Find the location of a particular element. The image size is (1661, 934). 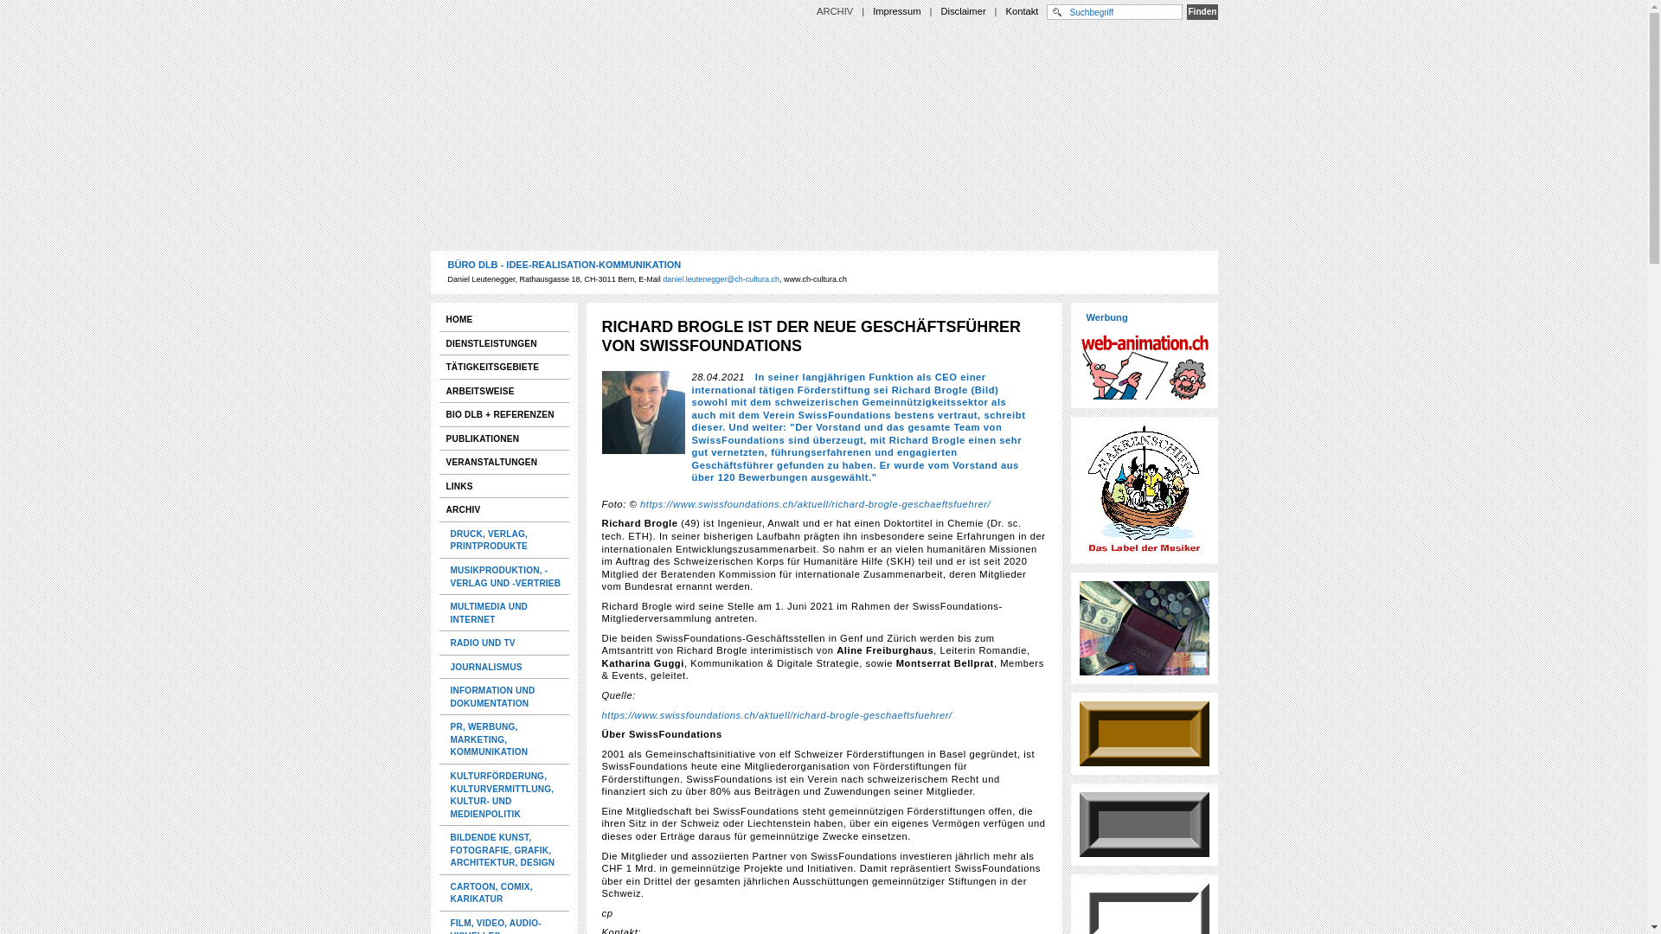

'JOURNALISMUS' is located at coordinates (504, 666).